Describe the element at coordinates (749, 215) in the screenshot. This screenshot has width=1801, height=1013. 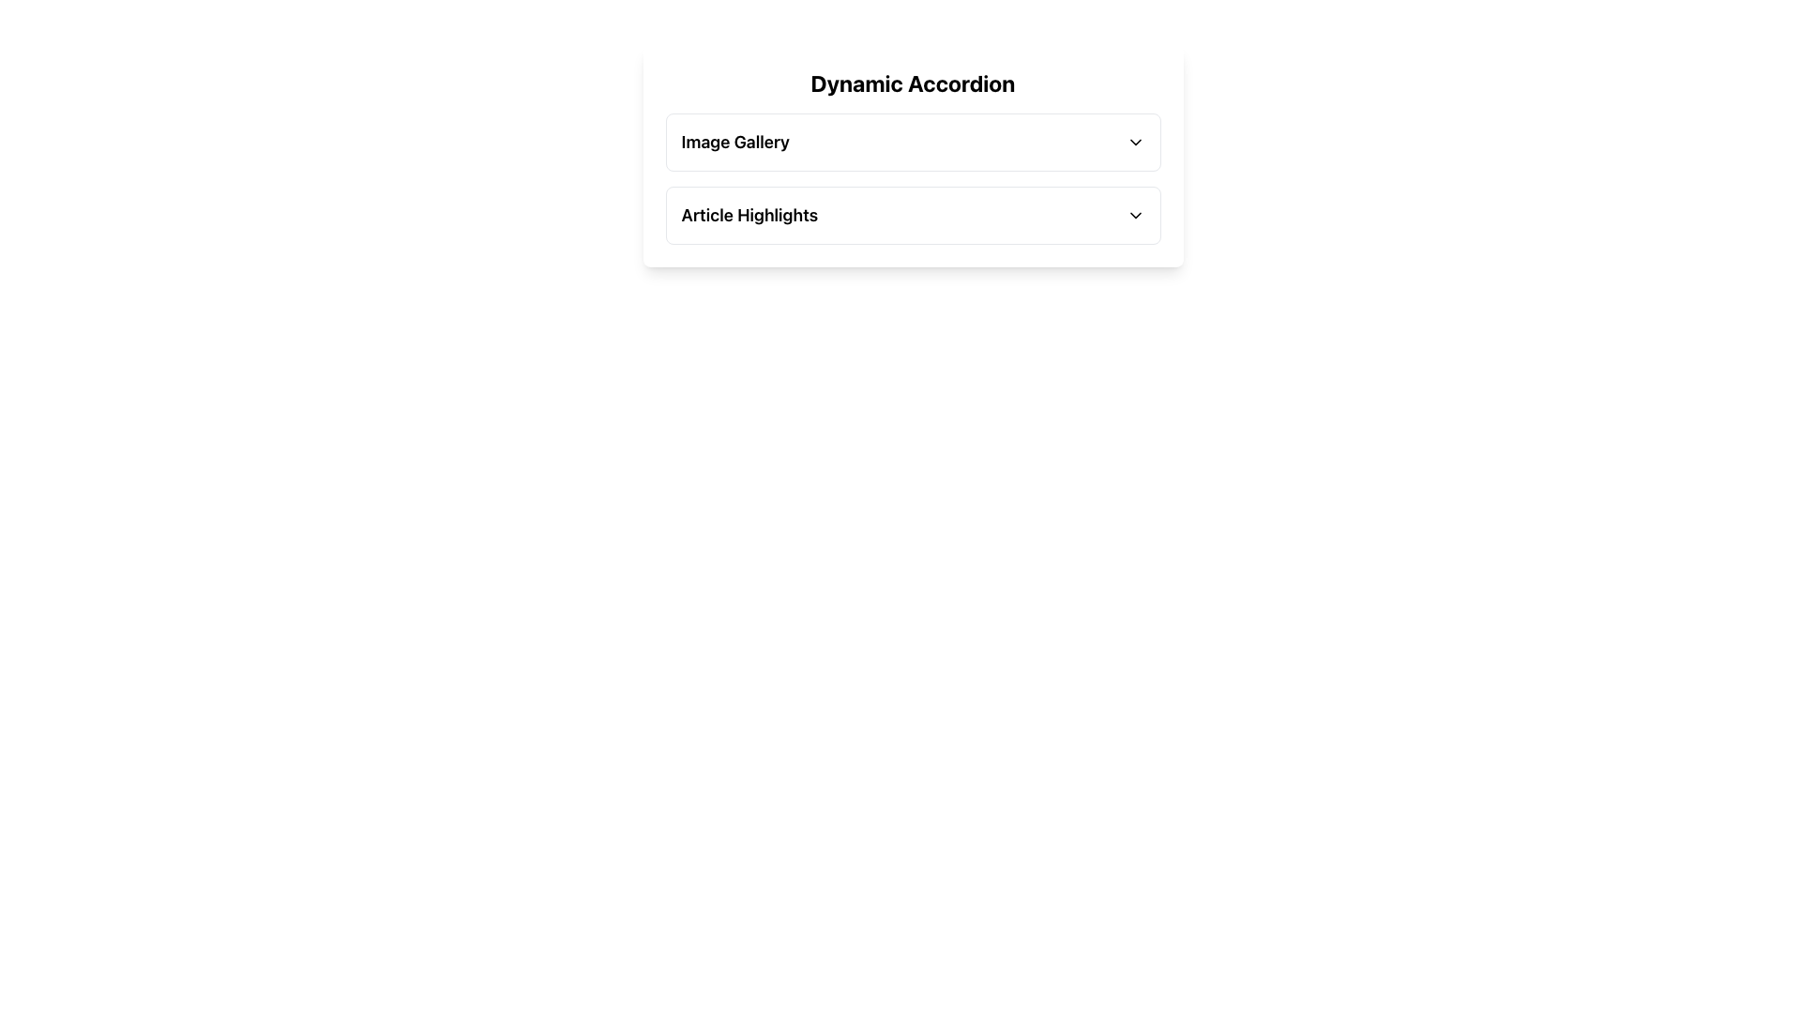
I see `the 'Article Highlights' text label, which is a large bold text in black color located in the second section of an accordion interface, next to a chevron-down icon` at that location.